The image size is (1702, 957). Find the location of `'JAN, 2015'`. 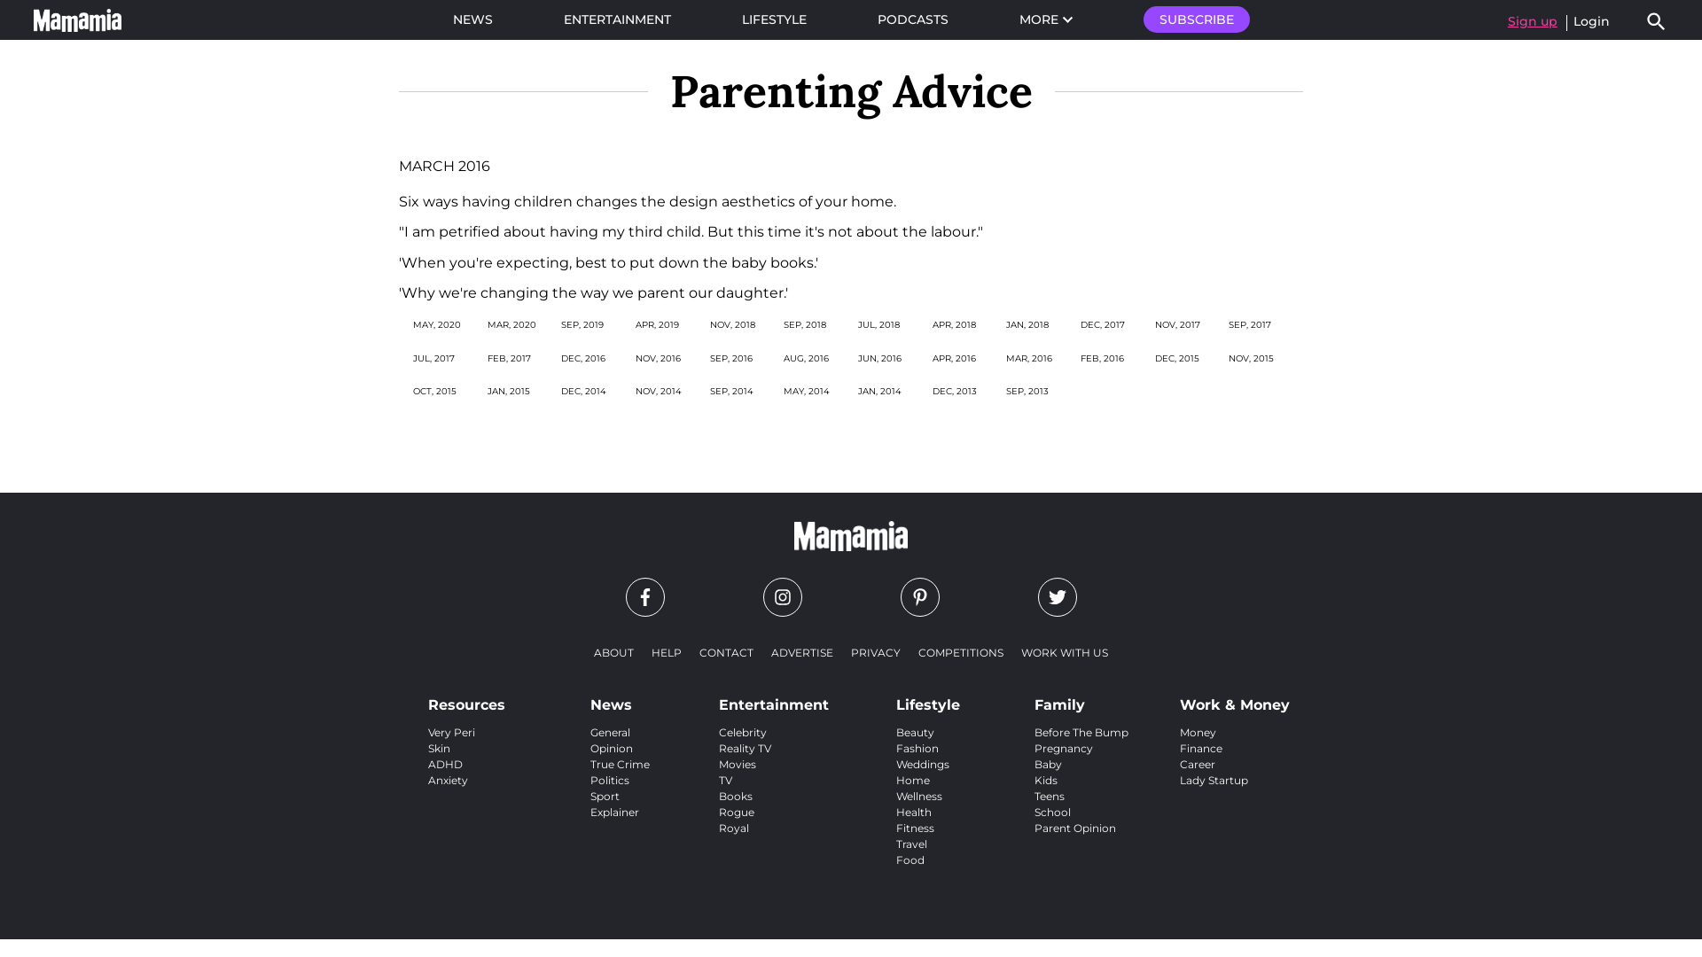

'JAN, 2015' is located at coordinates (508, 390).